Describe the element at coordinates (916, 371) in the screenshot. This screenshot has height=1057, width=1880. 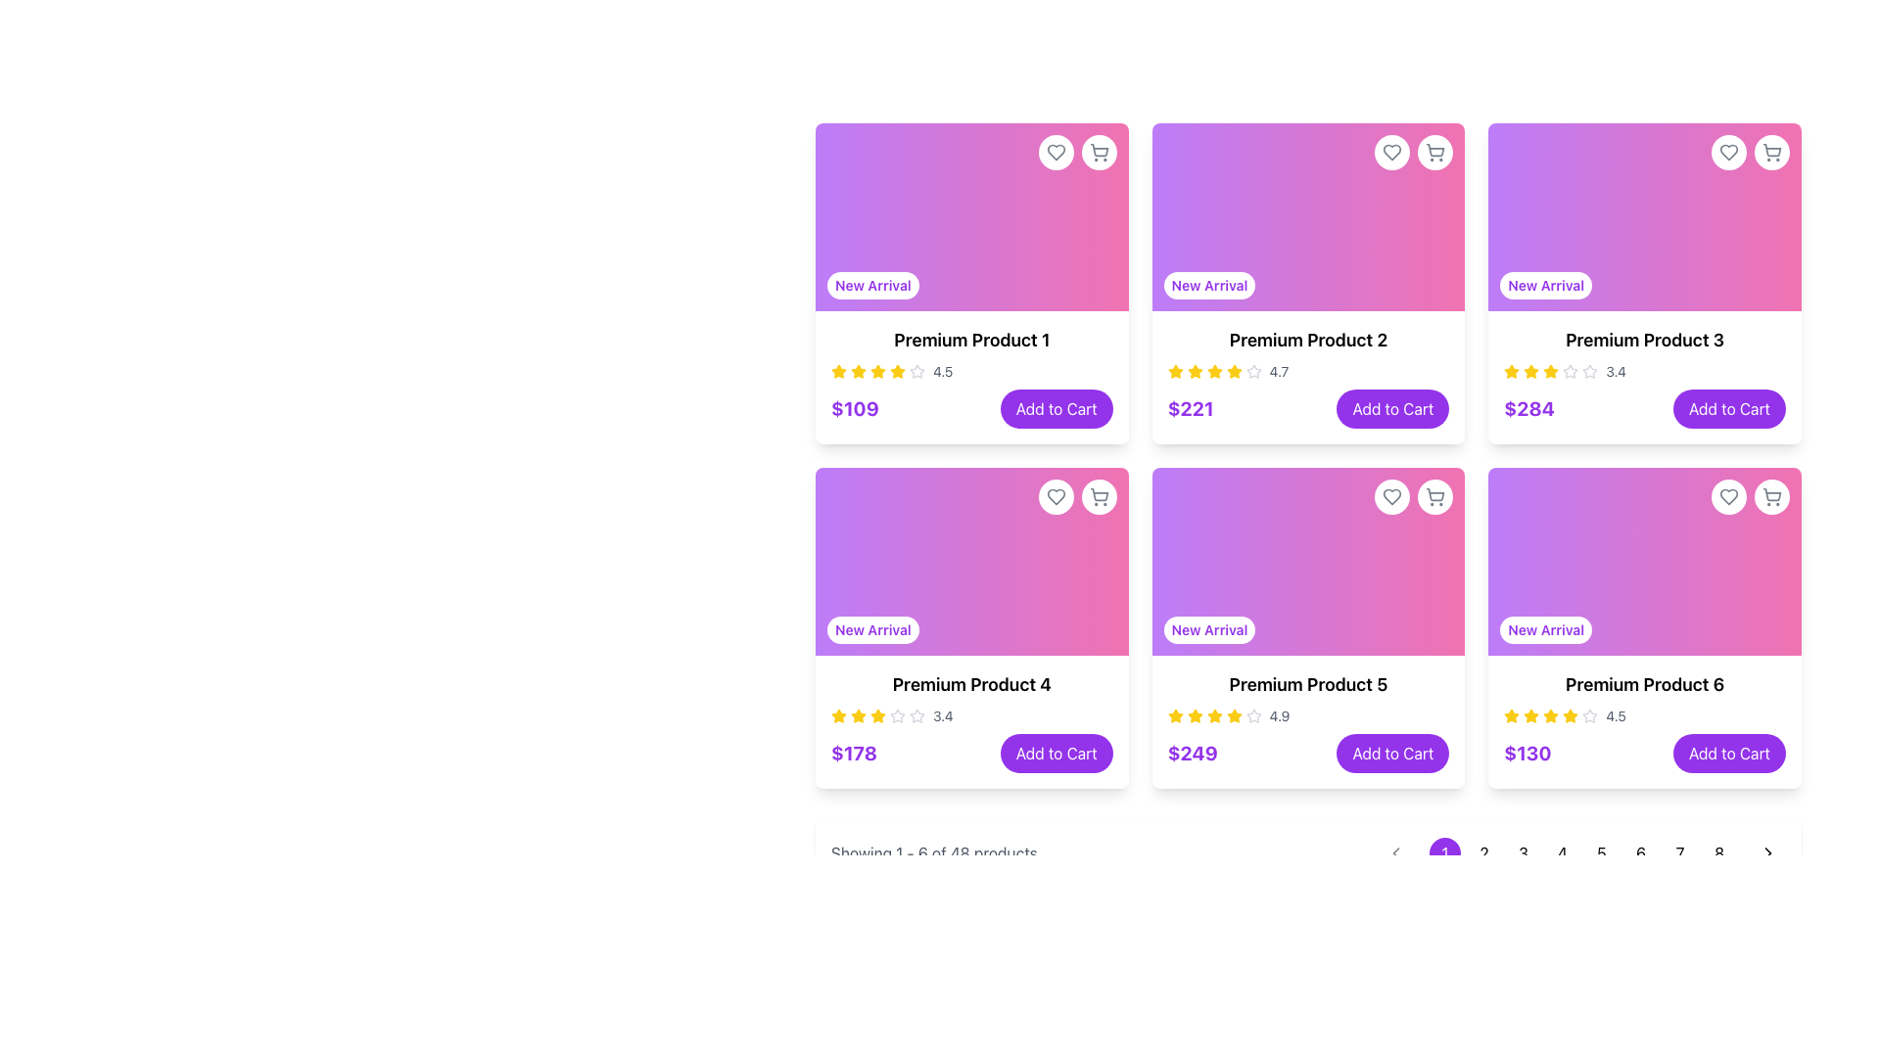
I see `the second star icon in the star rating system for 'Premium Product 1', which is styled with a gray outline and fills, distinct from other elements` at that location.